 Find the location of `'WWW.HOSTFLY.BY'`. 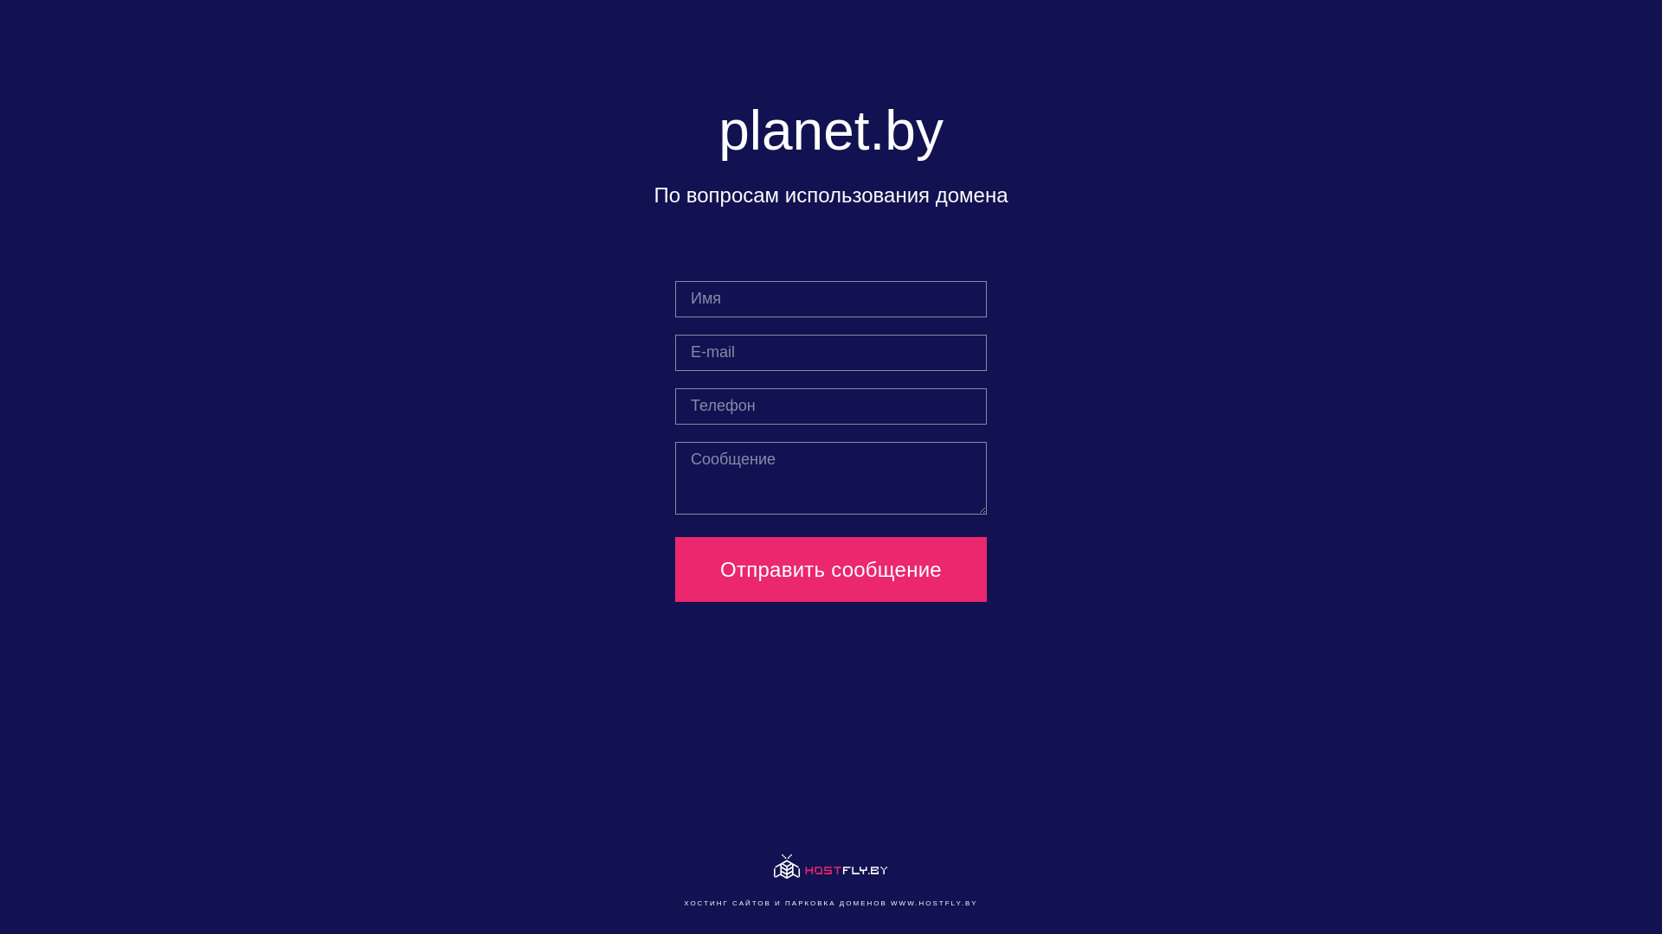

'WWW.HOSTFLY.BY' is located at coordinates (933, 902).